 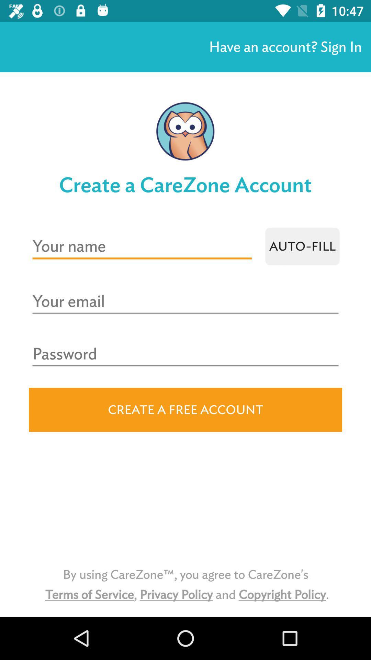 I want to click on item below the create a carezone icon, so click(x=302, y=246).